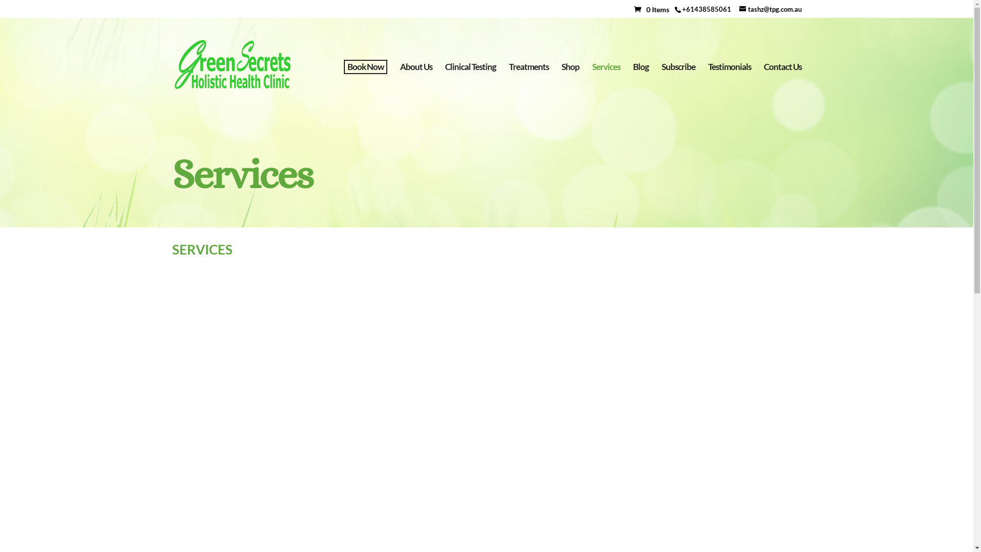  I want to click on 'Book Now', so click(365, 67).